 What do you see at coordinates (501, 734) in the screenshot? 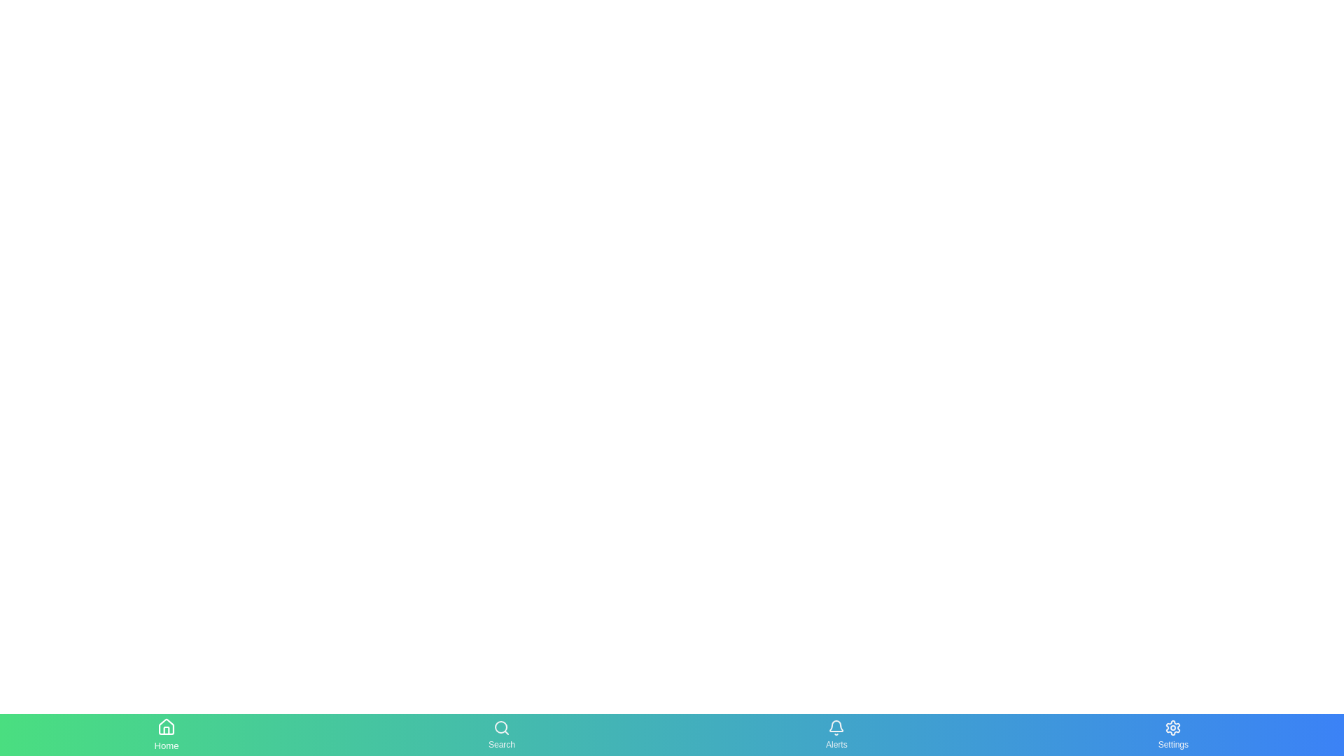
I see `the navigation tab labeled Search` at bounding box center [501, 734].